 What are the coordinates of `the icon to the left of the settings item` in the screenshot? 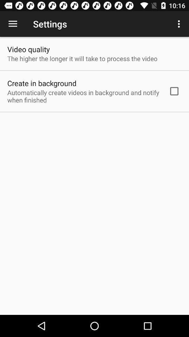 It's located at (13, 24).